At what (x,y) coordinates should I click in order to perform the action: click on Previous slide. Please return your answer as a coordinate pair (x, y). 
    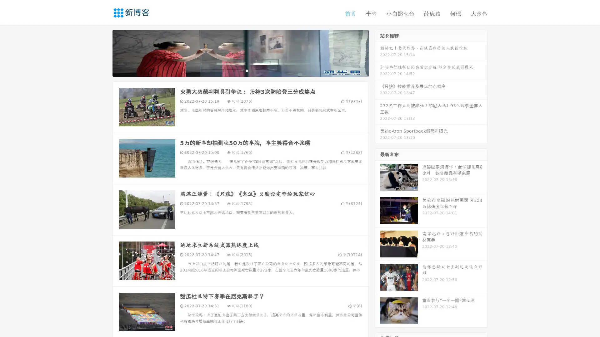
    Looking at the image, I should click on (103, 52).